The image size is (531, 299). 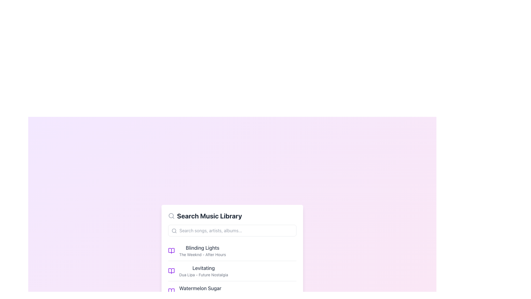 What do you see at coordinates (174, 230) in the screenshot?
I see `the SVG Circle Component, which is part of the magnifying glass symbol located at the left side of the search bar in the music search interface` at bounding box center [174, 230].